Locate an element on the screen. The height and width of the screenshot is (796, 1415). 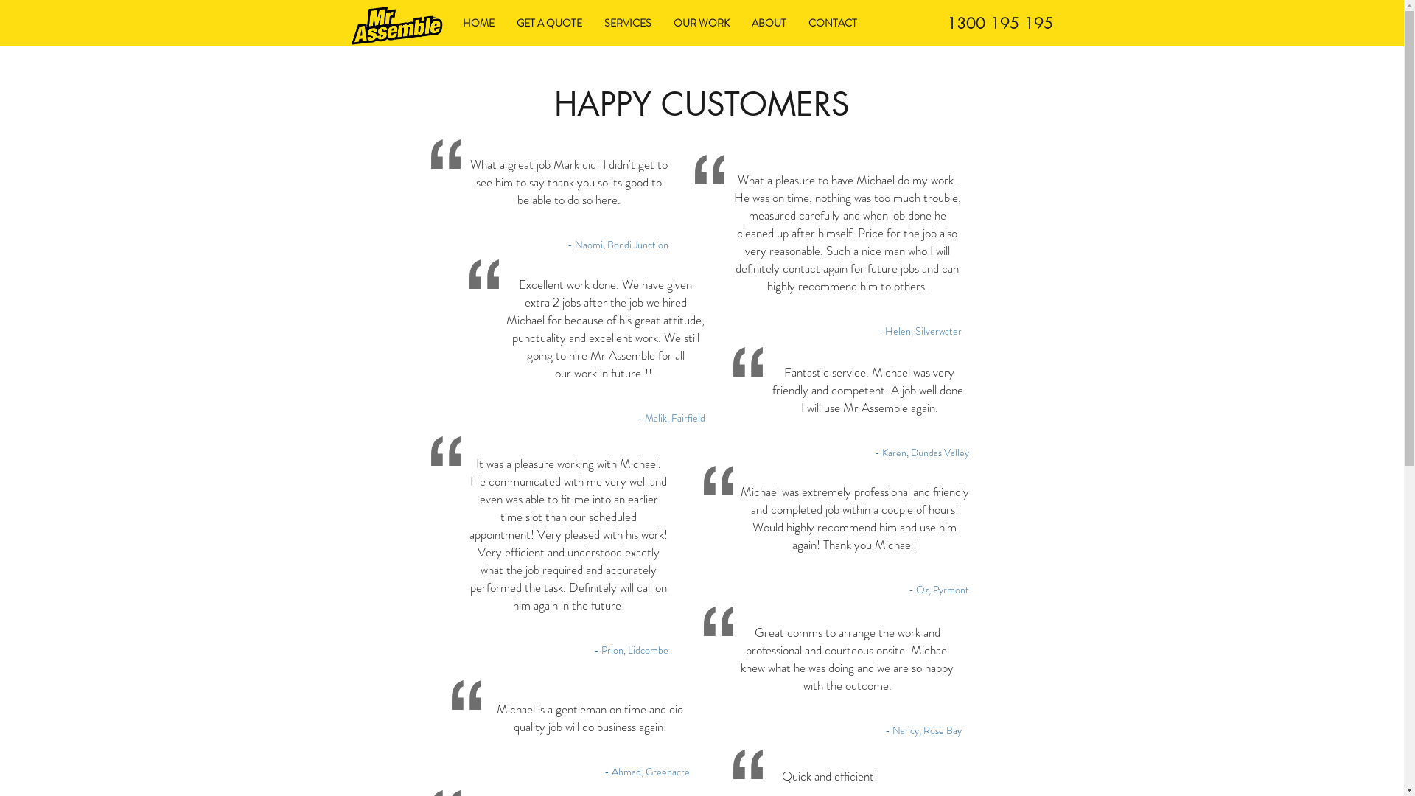
'CONTACT' is located at coordinates (796, 23).